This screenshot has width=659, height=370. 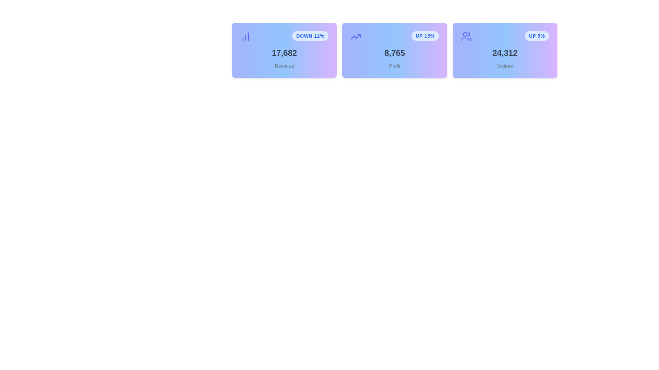 I want to click on text from the Info card, which displays 'Down 12%' at the top right, '17,682' in the middle, and 'Revenue' below that, so click(x=284, y=50).